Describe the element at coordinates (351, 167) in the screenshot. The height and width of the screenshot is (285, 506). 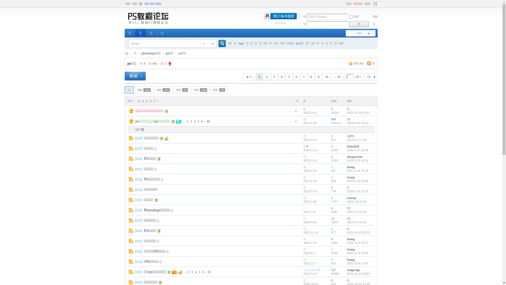
I see `'huang'` at that location.